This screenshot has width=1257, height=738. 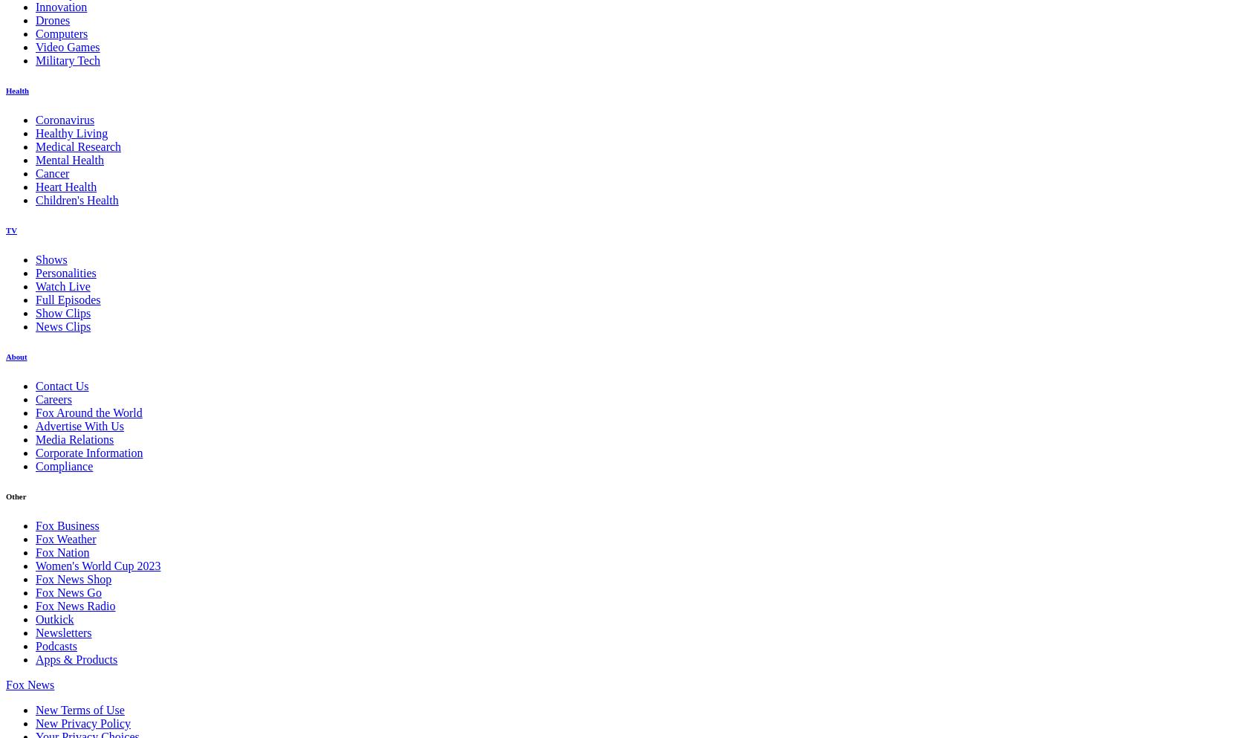 I want to click on 'Military Tech', so click(x=68, y=59).